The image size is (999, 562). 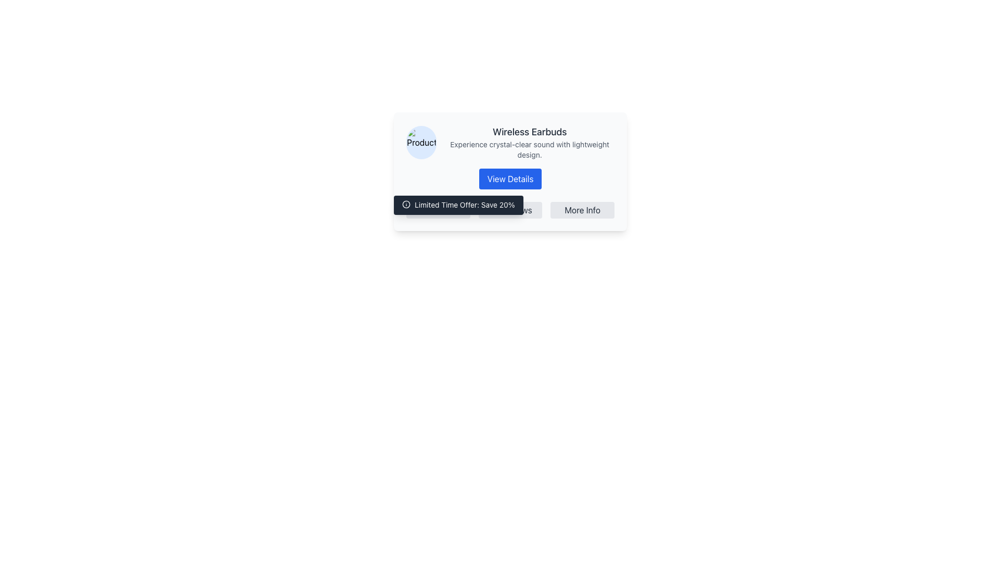 What do you see at coordinates (510, 178) in the screenshot?
I see `the navigation button for the product 'Wireless Earbuds' to observe the hover effects` at bounding box center [510, 178].